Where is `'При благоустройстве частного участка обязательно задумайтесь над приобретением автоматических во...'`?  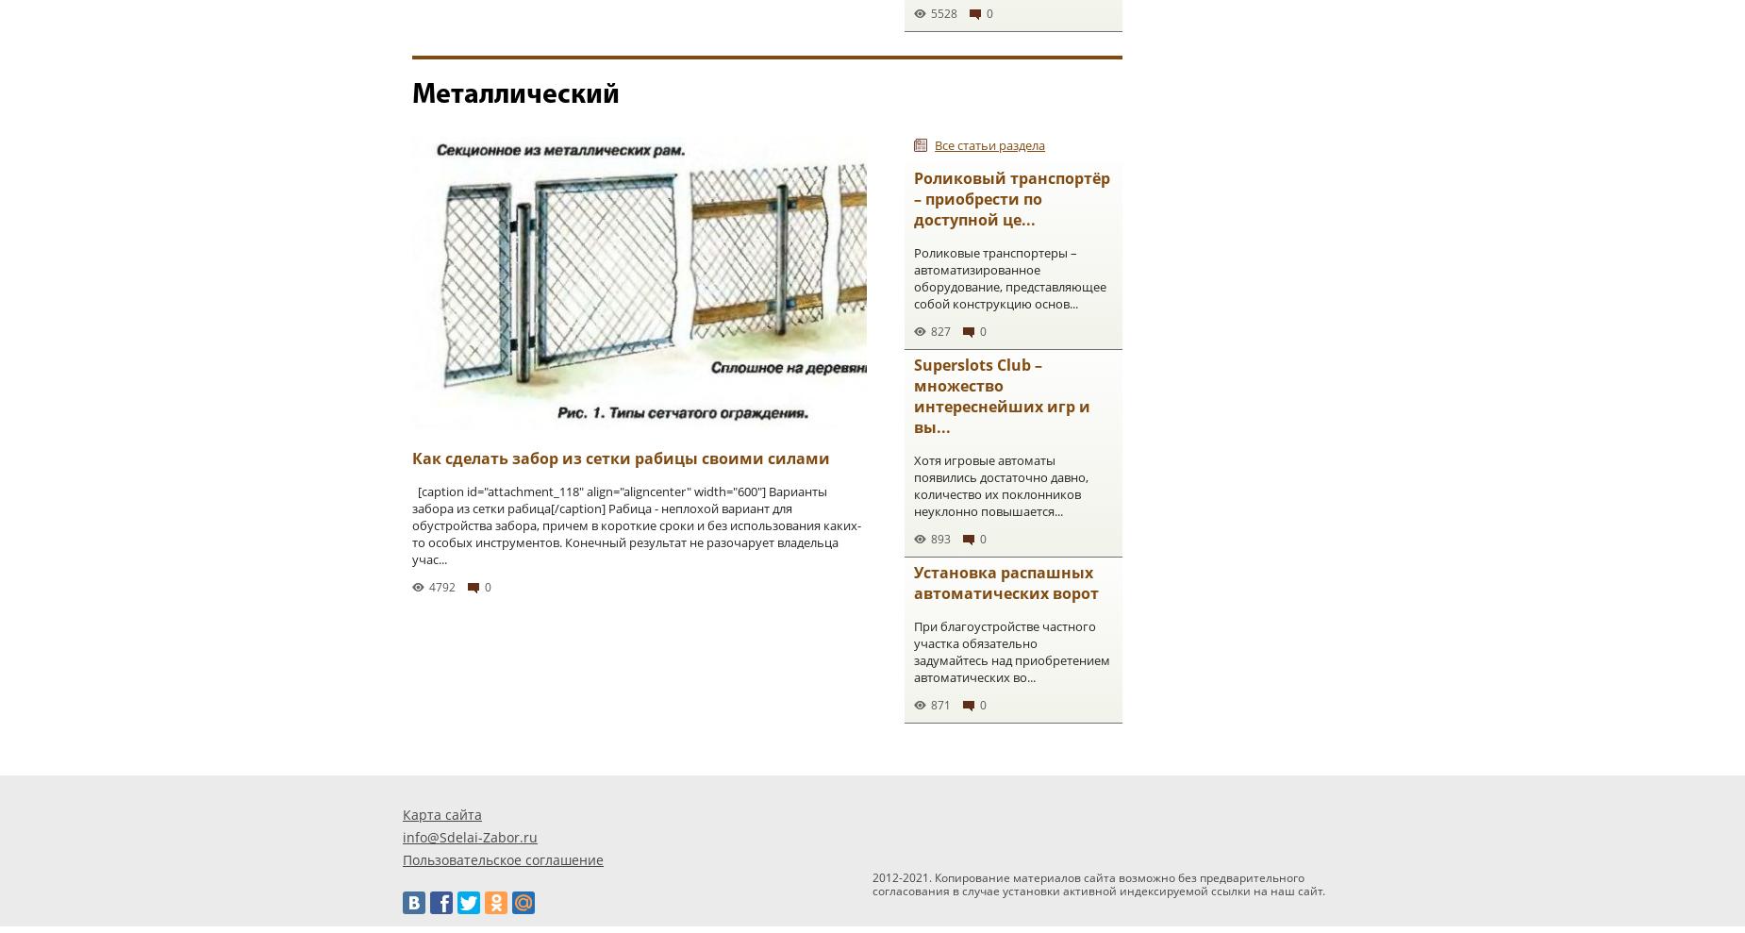 'При благоустройстве частного участка обязательно задумайтесь над приобретением автоматических во...' is located at coordinates (913, 651).